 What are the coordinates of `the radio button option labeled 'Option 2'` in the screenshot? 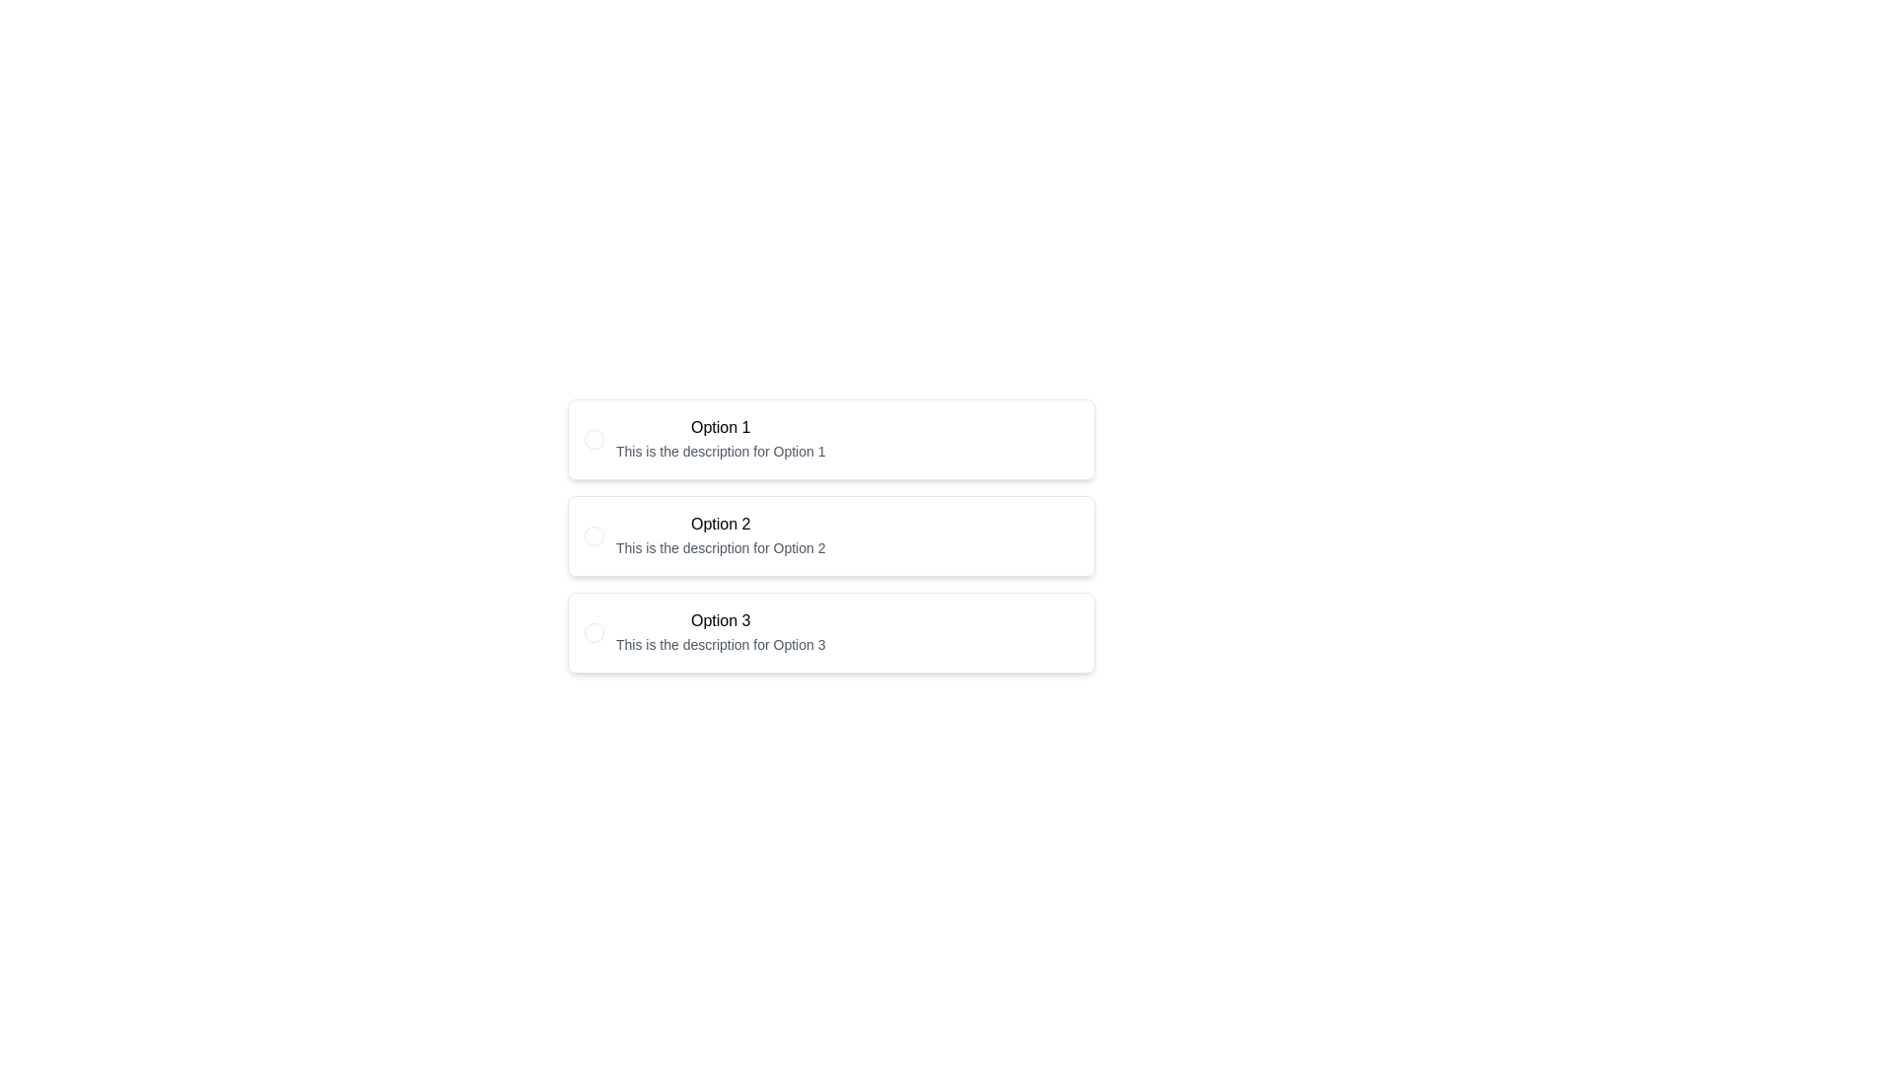 It's located at (705, 535).